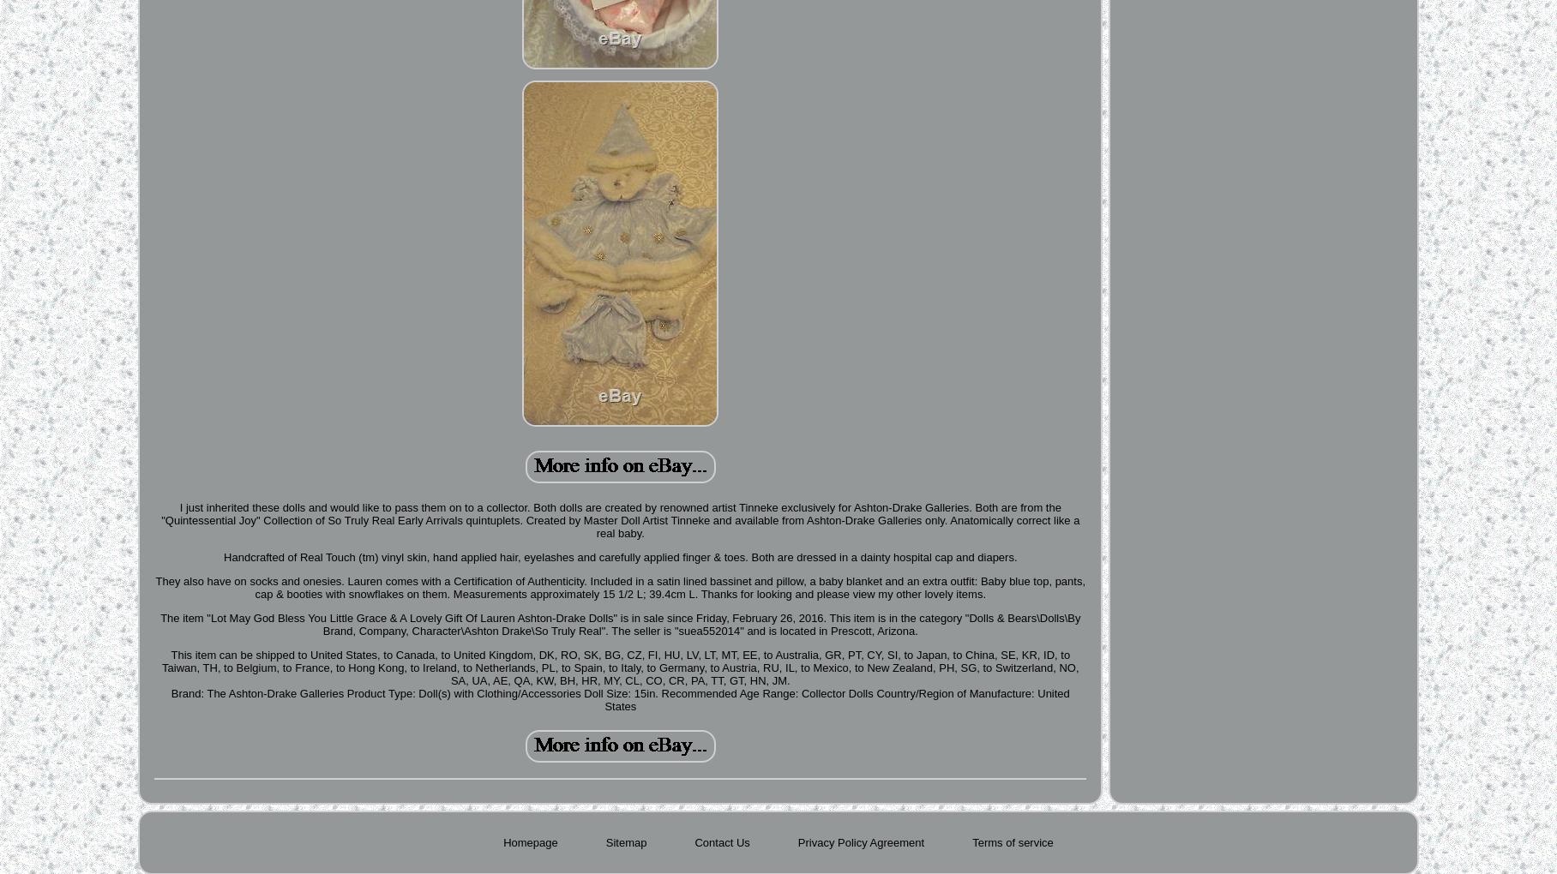 The height and width of the screenshot is (874, 1557). I want to click on 'I just inherited these dolls and would like to pass them on to a collector. Both dolls are created by renowned artist Tinneke exclusively for Ashton-Drake Galleries. Both are from the "Quintessential Joy" Collection of So Truly Real Early Arrivals quintuplets. Created by Master Doll Artist Tinneke and available from Ashton-Drake Galleries only. Anatomically correct like a real baby.', so click(619, 519).